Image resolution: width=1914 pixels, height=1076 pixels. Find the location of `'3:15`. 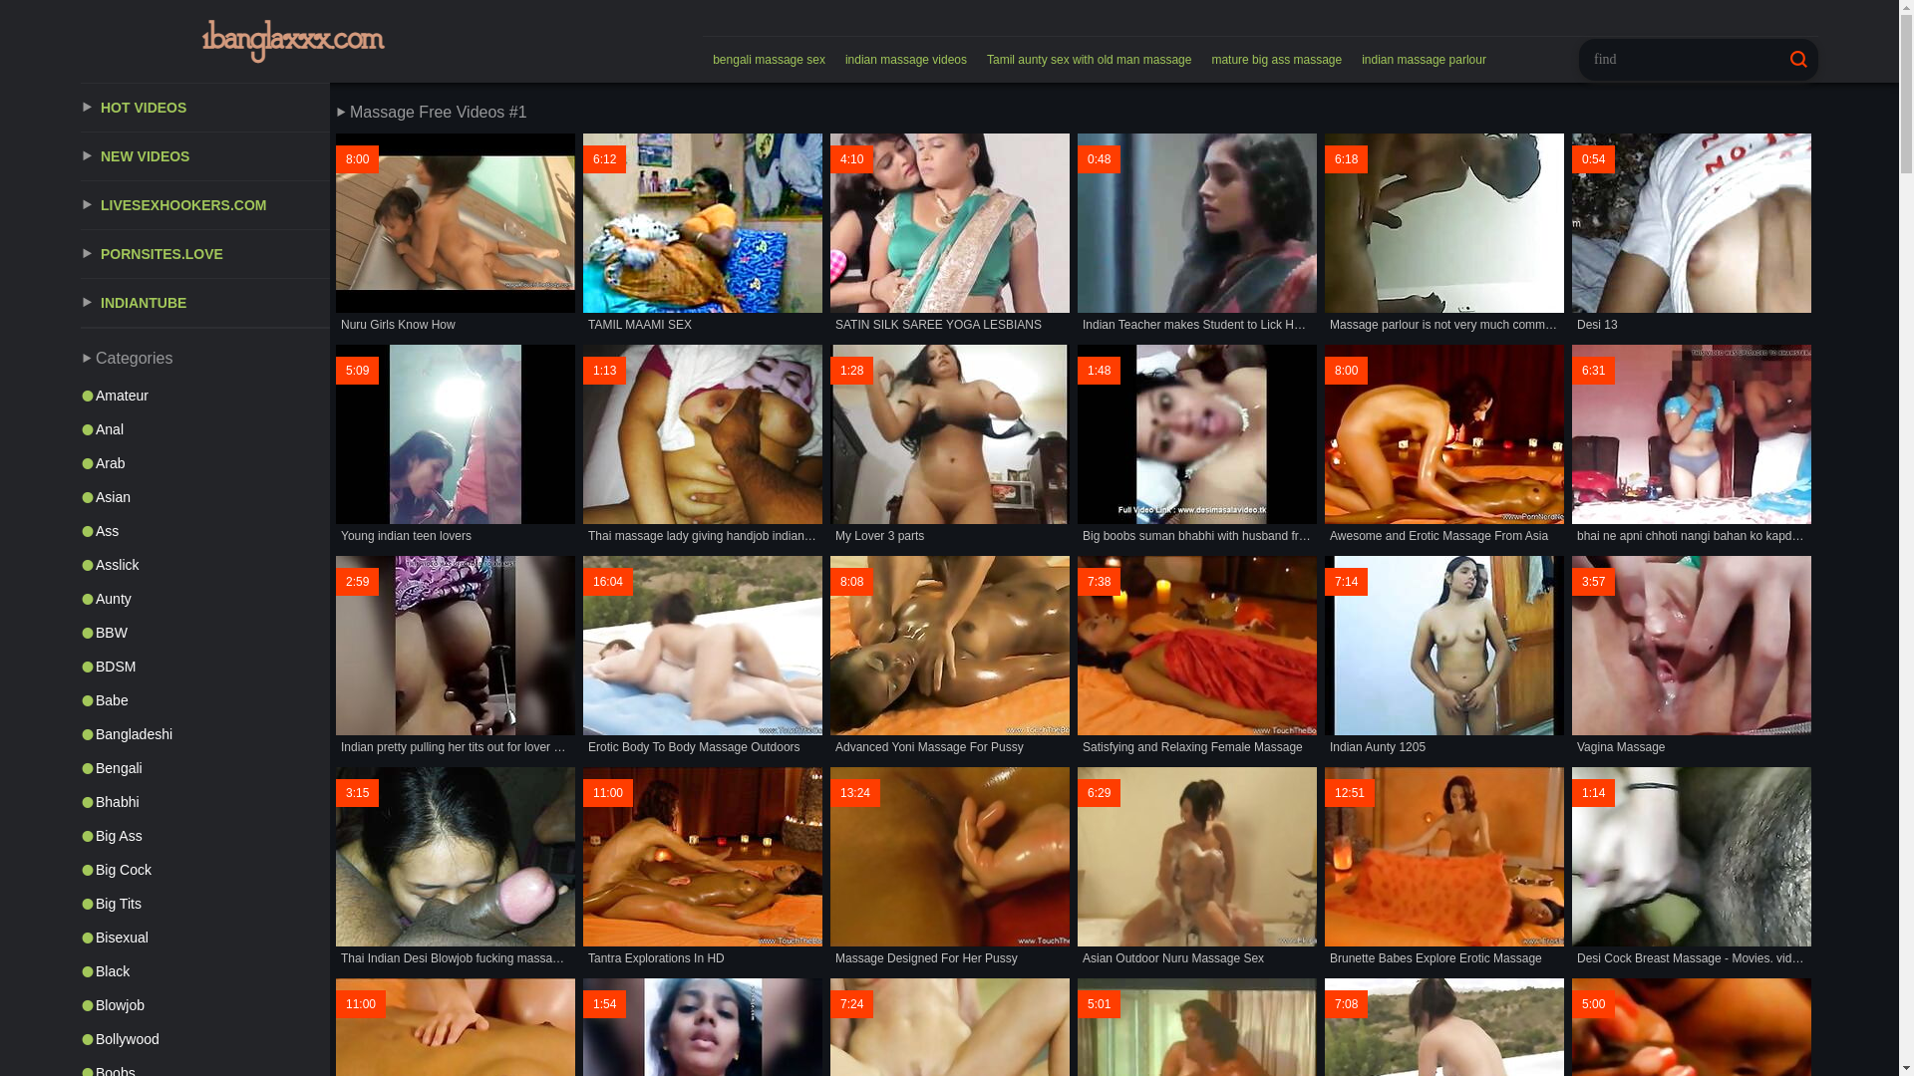

'3:15 is located at coordinates (454, 867).